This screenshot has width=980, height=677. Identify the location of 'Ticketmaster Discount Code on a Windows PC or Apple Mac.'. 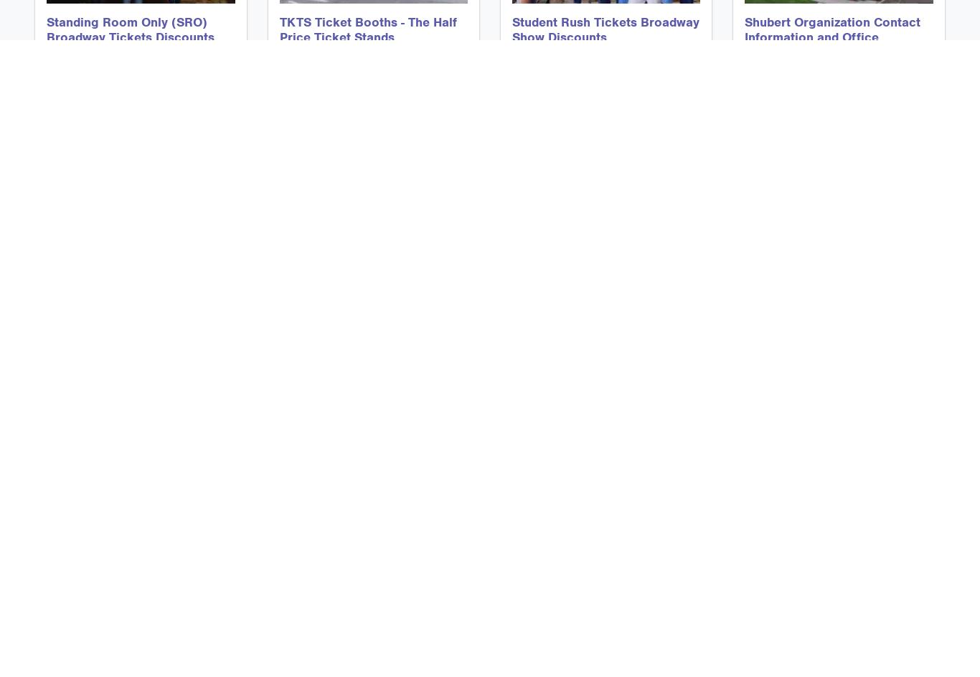
(594, 436).